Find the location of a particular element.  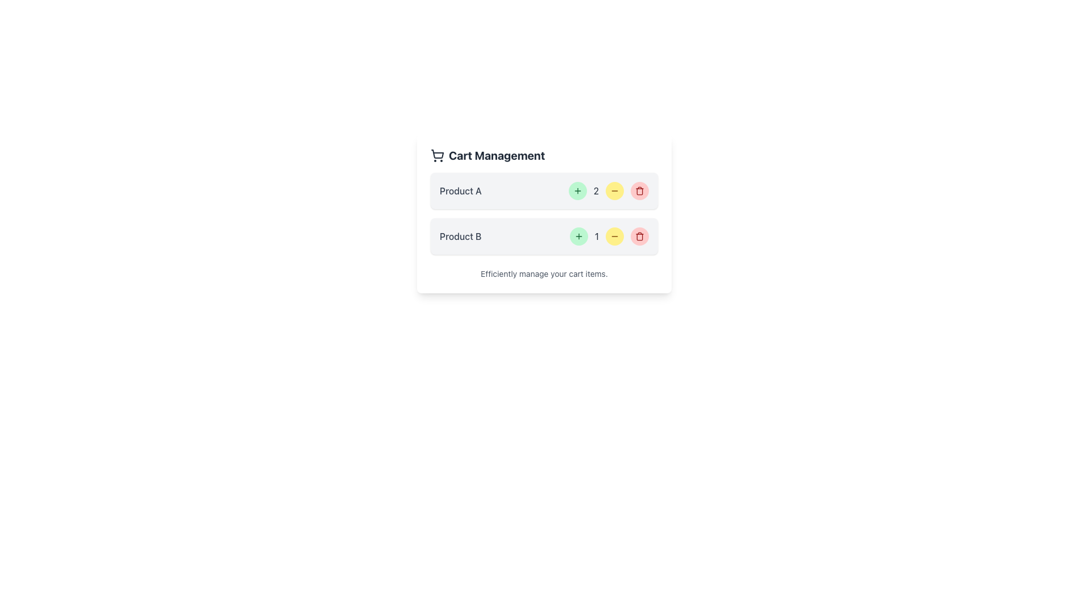

the circular green button with a plus symbol located in the 'Product B' row of the cart management interface is located at coordinates (578, 236).